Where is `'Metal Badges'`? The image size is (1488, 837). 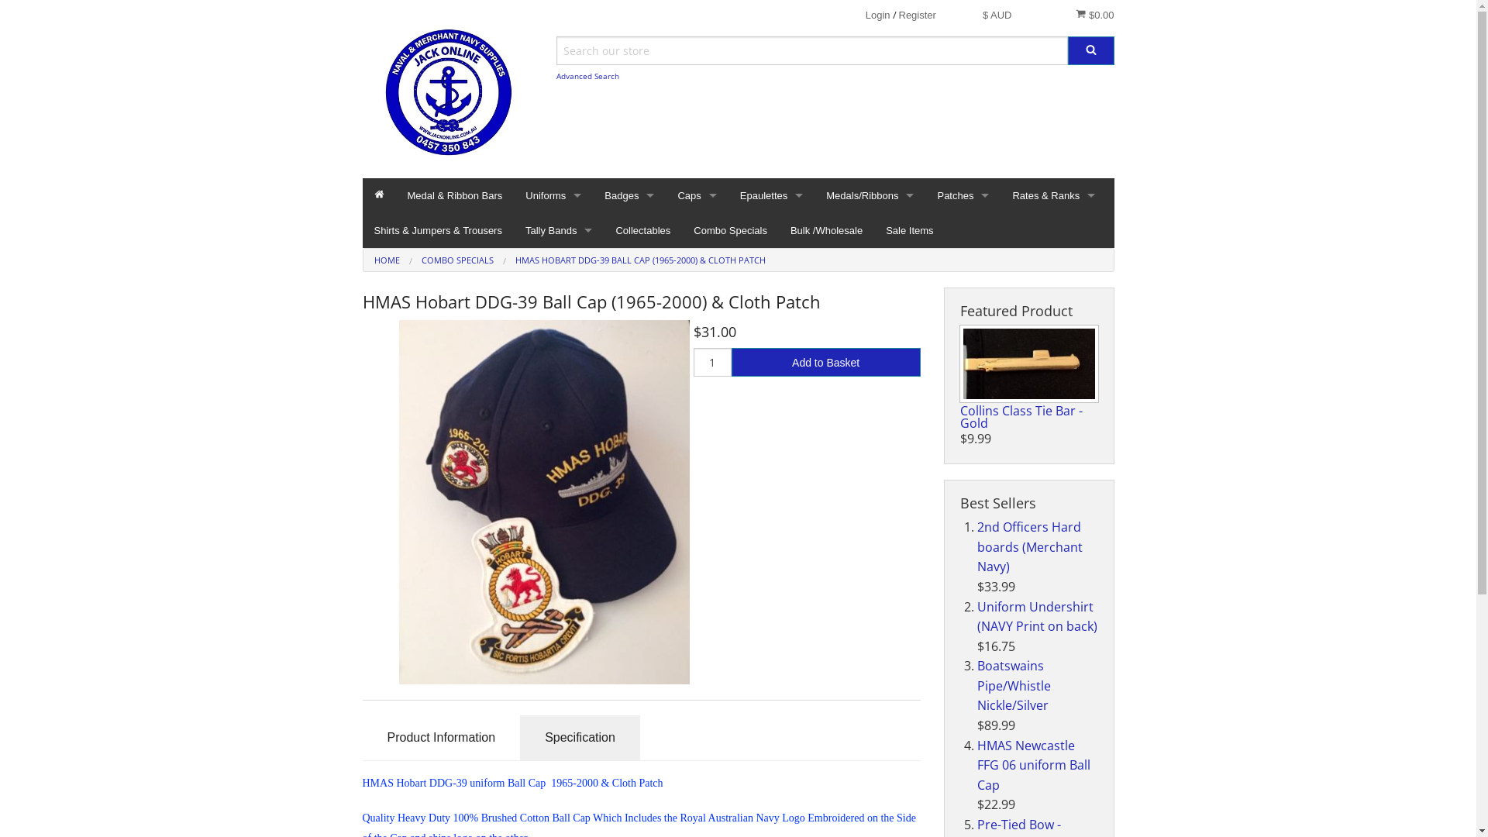 'Metal Badges' is located at coordinates (629, 284).